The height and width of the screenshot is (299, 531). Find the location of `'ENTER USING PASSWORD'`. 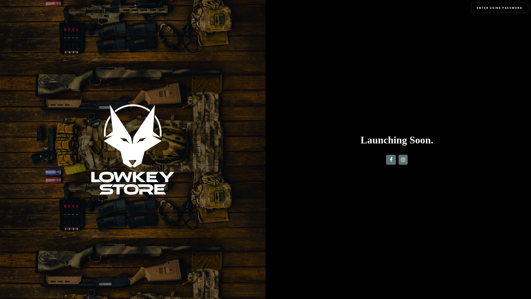

'ENTER USING PASSWORD' is located at coordinates (499, 8).